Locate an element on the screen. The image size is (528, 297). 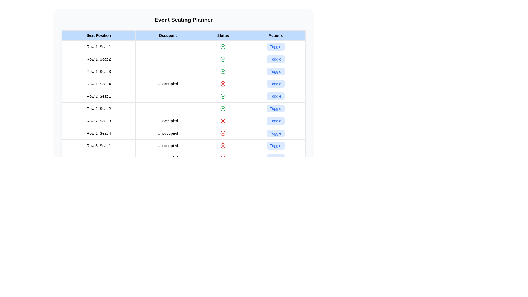
the static text label displaying 'Row 2, Seat 3' in the 'Seat Position' column of the seating details table is located at coordinates (99, 120).